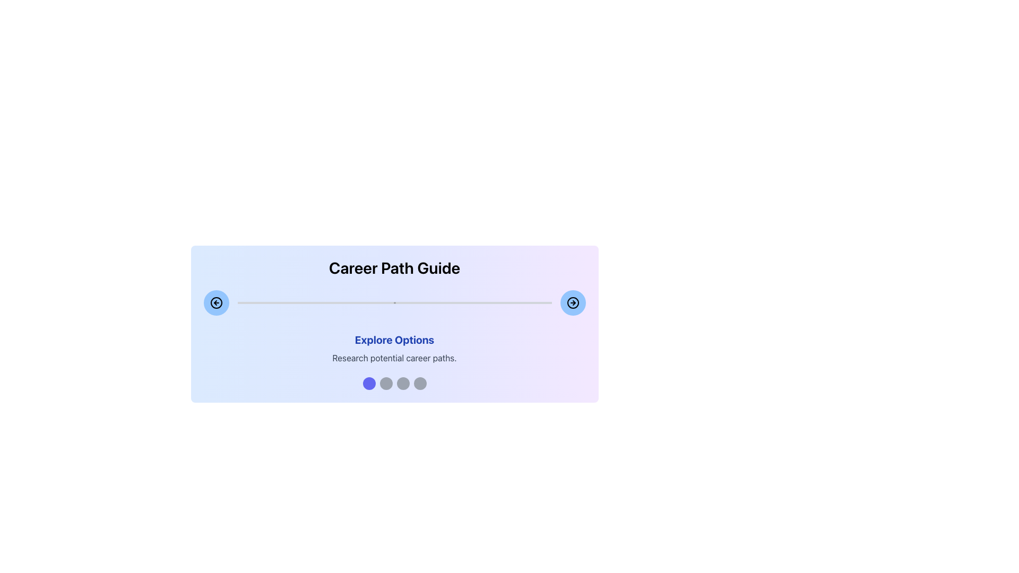 Image resolution: width=1019 pixels, height=573 pixels. What do you see at coordinates (419, 383) in the screenshot?
I see `the small circular gray button, the fourth button in the horizontal layout below the 'Explore Options' section` at bounding box center [419, 383].